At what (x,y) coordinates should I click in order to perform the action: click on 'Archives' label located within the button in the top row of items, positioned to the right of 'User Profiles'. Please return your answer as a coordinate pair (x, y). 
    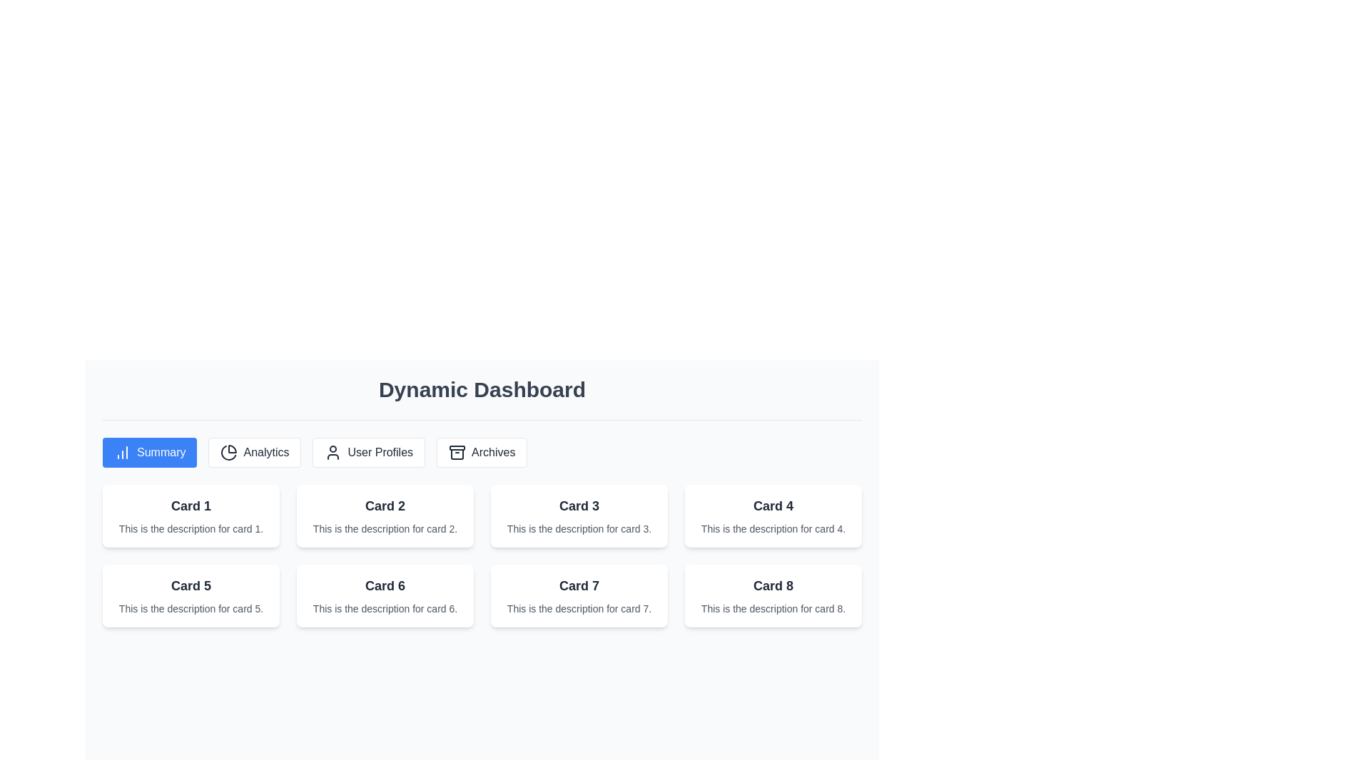
    Looking at the image, I should click on (482, 453).